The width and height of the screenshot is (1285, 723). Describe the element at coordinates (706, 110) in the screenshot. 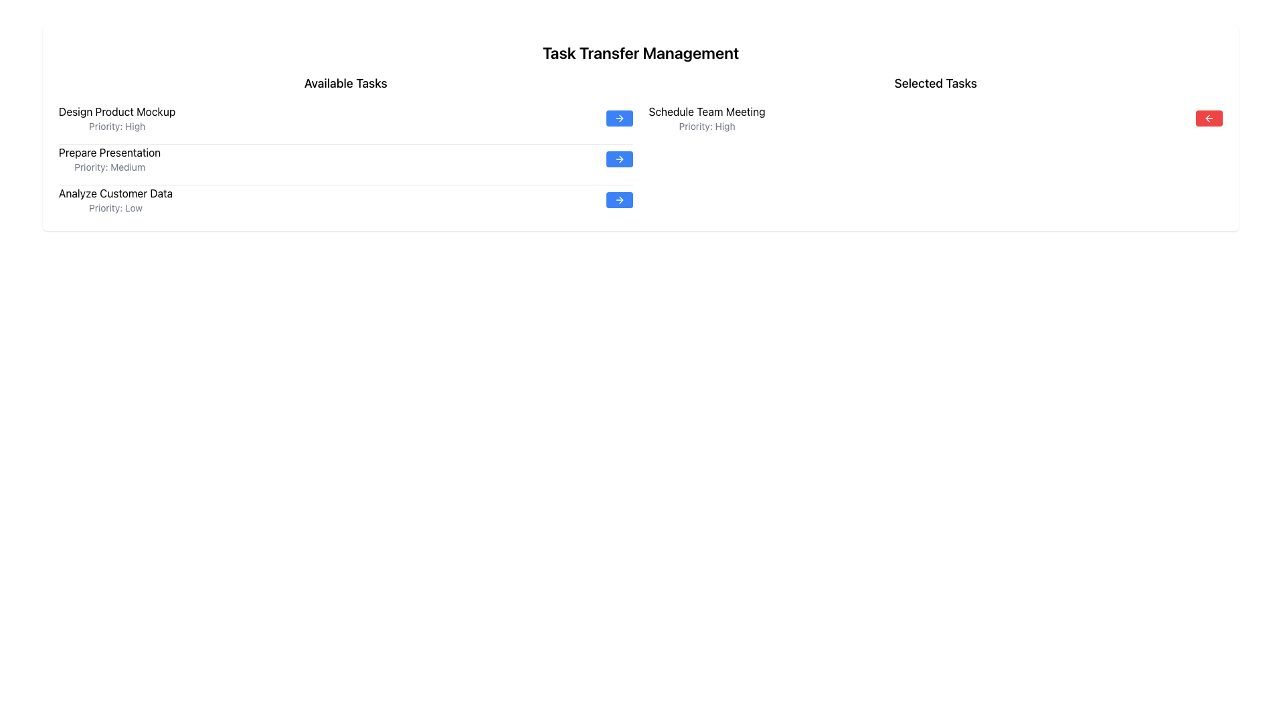

I see `the text display that says 'Schedule Team Meeting', which is positioned in the 'Selected Tasks' section above 'Priority: High'` at that location.